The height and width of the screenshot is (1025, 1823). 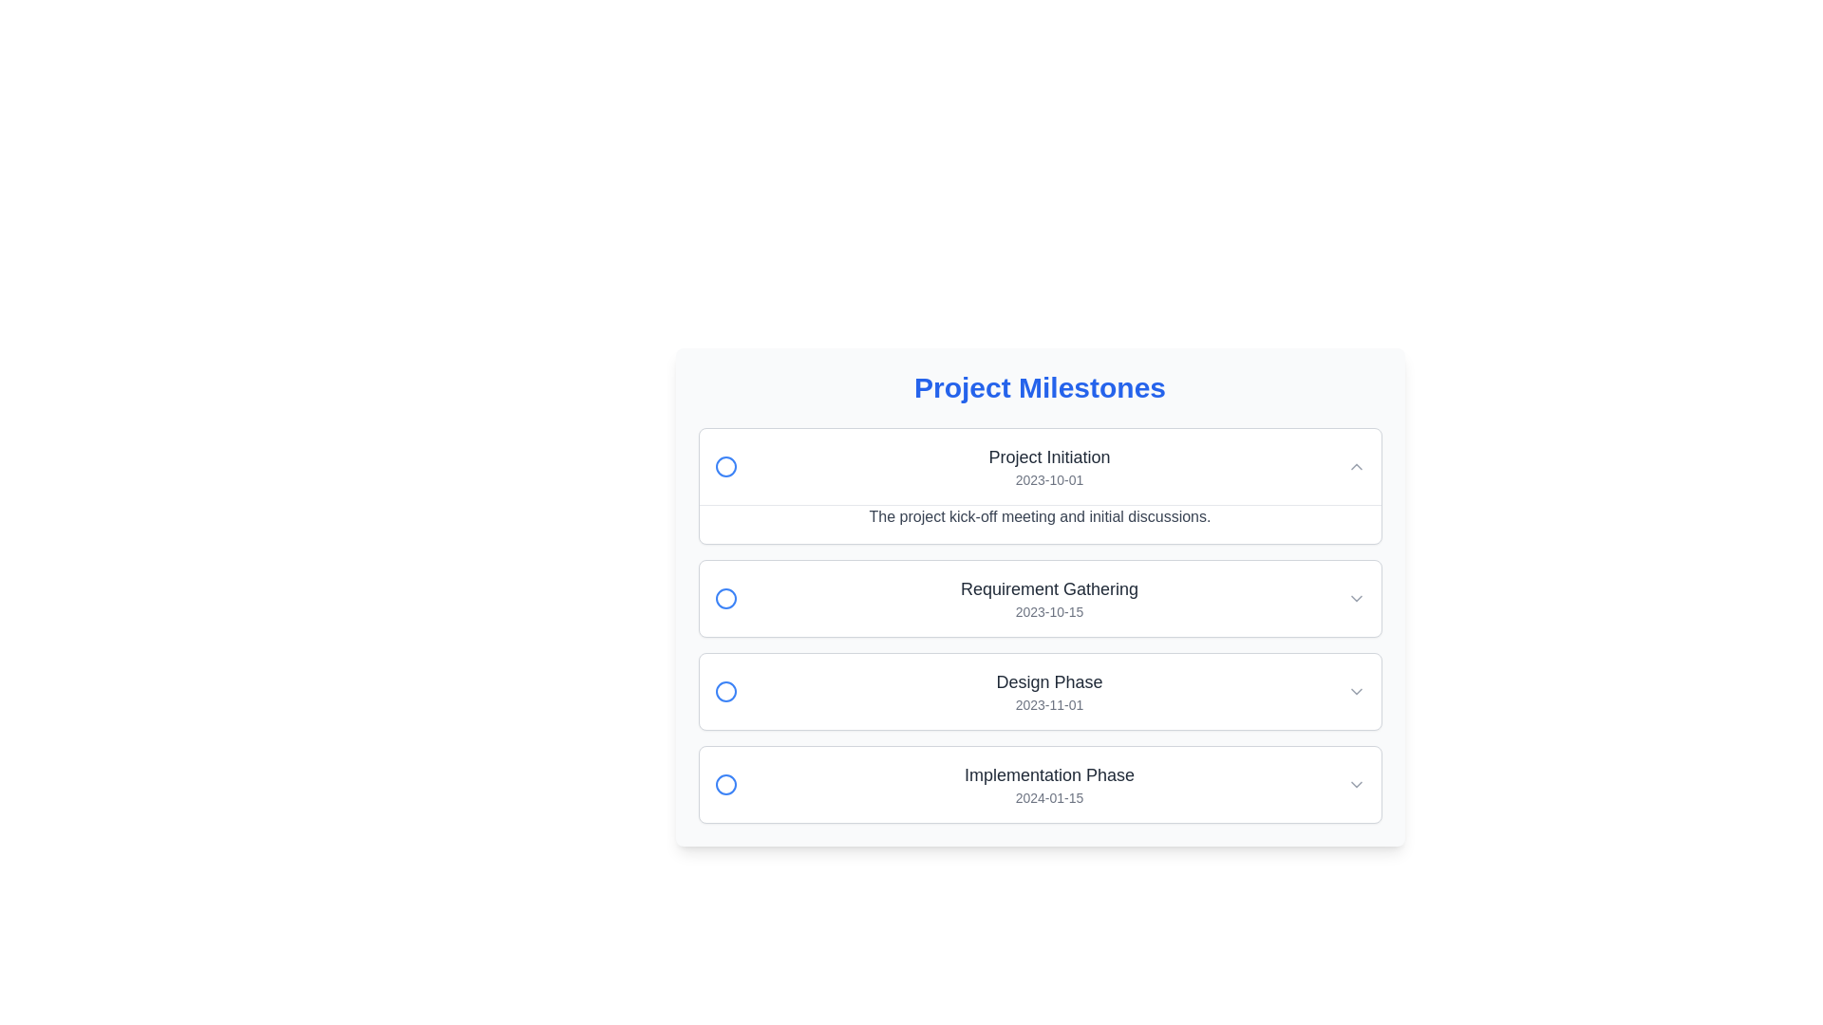 What do you see at coordinates (1048, 775) in the screenshot?
I see `static text 'Implementation Phase' located on the fourth milestone card in the 'Project Milestones' section, which is positioned above the date '2024-01-15'` at bounding box center [1048, 775].